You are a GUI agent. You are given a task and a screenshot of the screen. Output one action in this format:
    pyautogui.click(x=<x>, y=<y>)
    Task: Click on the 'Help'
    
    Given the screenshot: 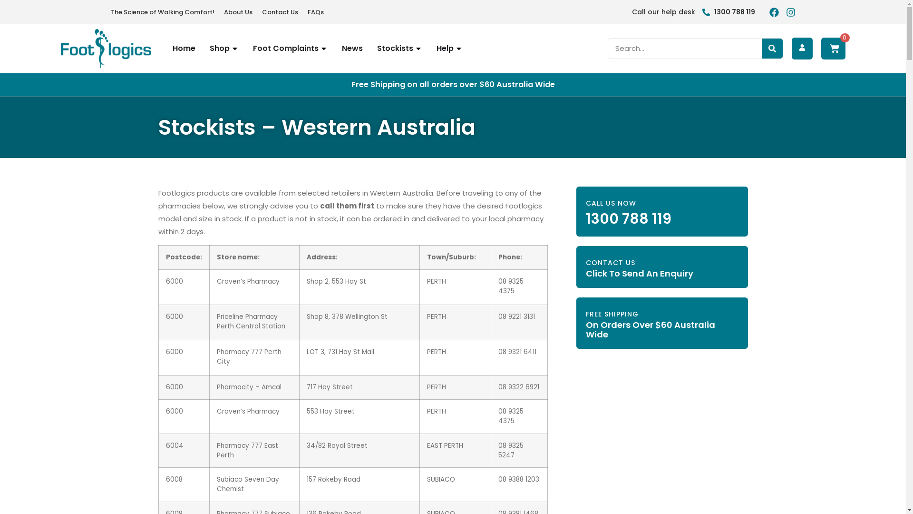 What is the action you would take?
    pyautogui.click(x=436, y=48)
    